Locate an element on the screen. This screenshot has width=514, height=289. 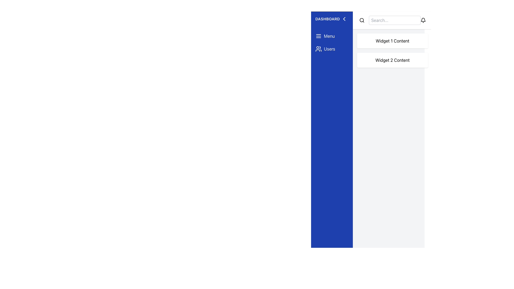
the 'Menu' text label element located in the horizontal navigation menu bar, displayed in white against a blue background is located at coordinates (329, 36).